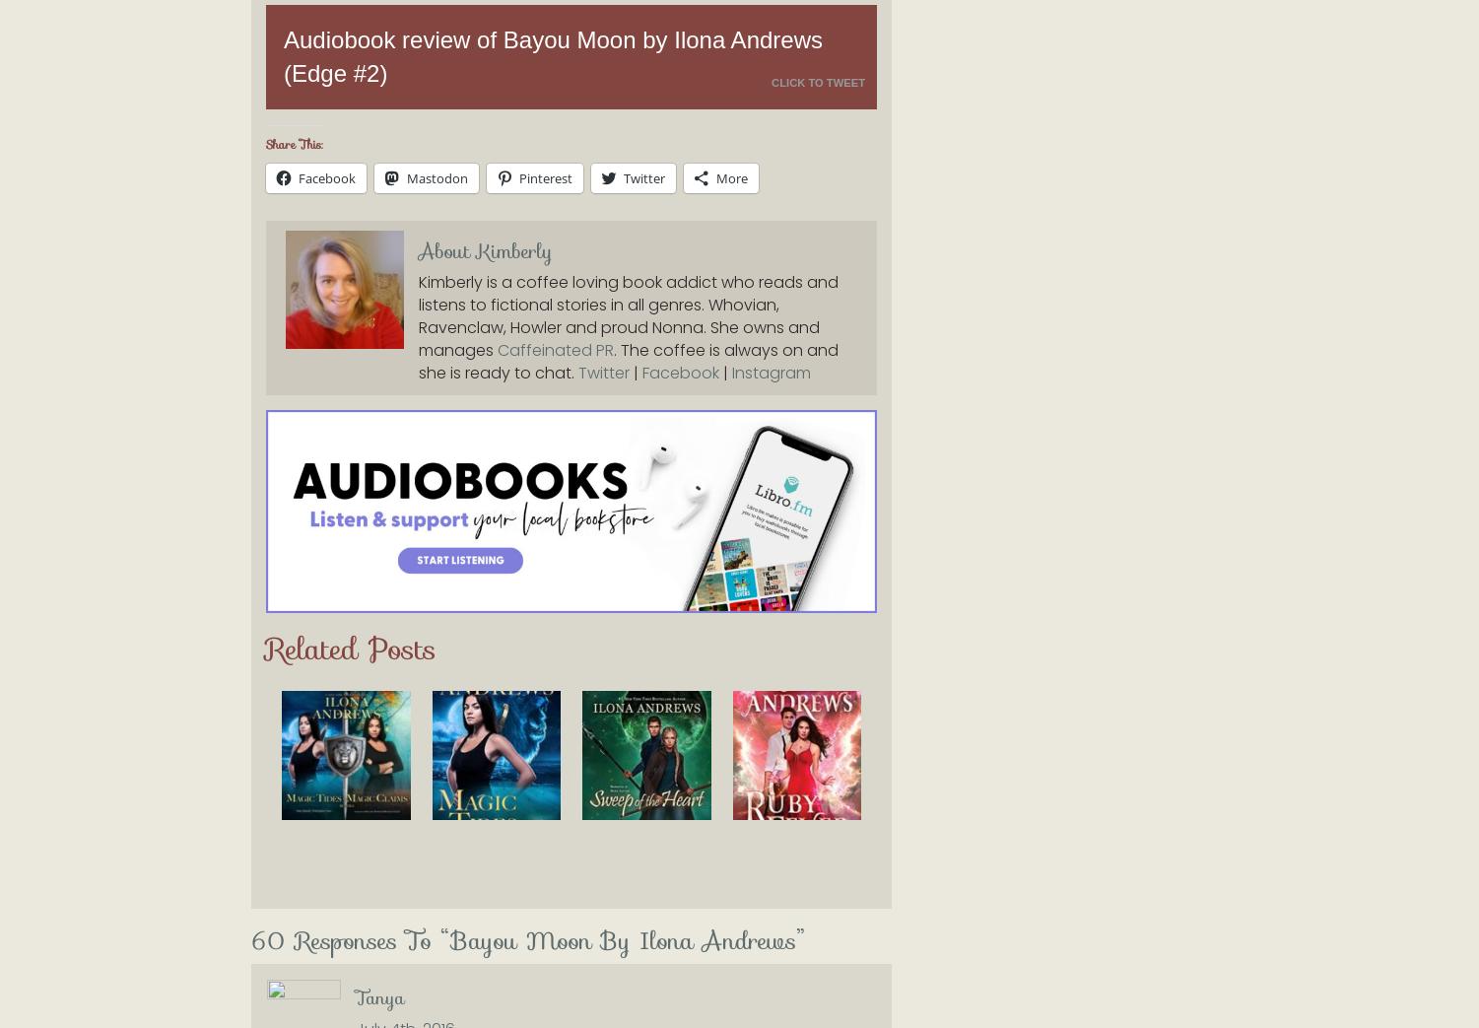 This screenshot has width=1479, height=1028. Describe the element at coordinates (484, 251) in the screenshot. I see `'About Kimberly'` at that location.